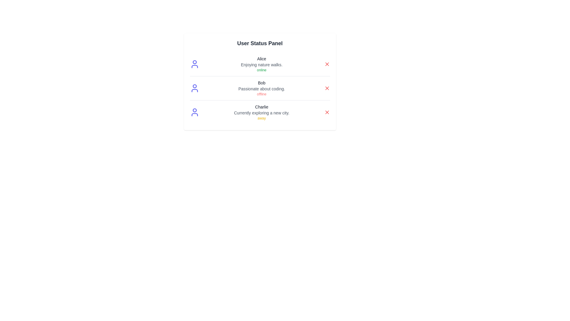 The width and height of the screenshot is (570, 321). What do you see at coordinates (261, 70) in the screenshot?
I see `text label 'online' which is styled in a small green font and is located below the description 'Enjoying nature walks' associated with the user 'Alice'` at bounding box center [261, 70].